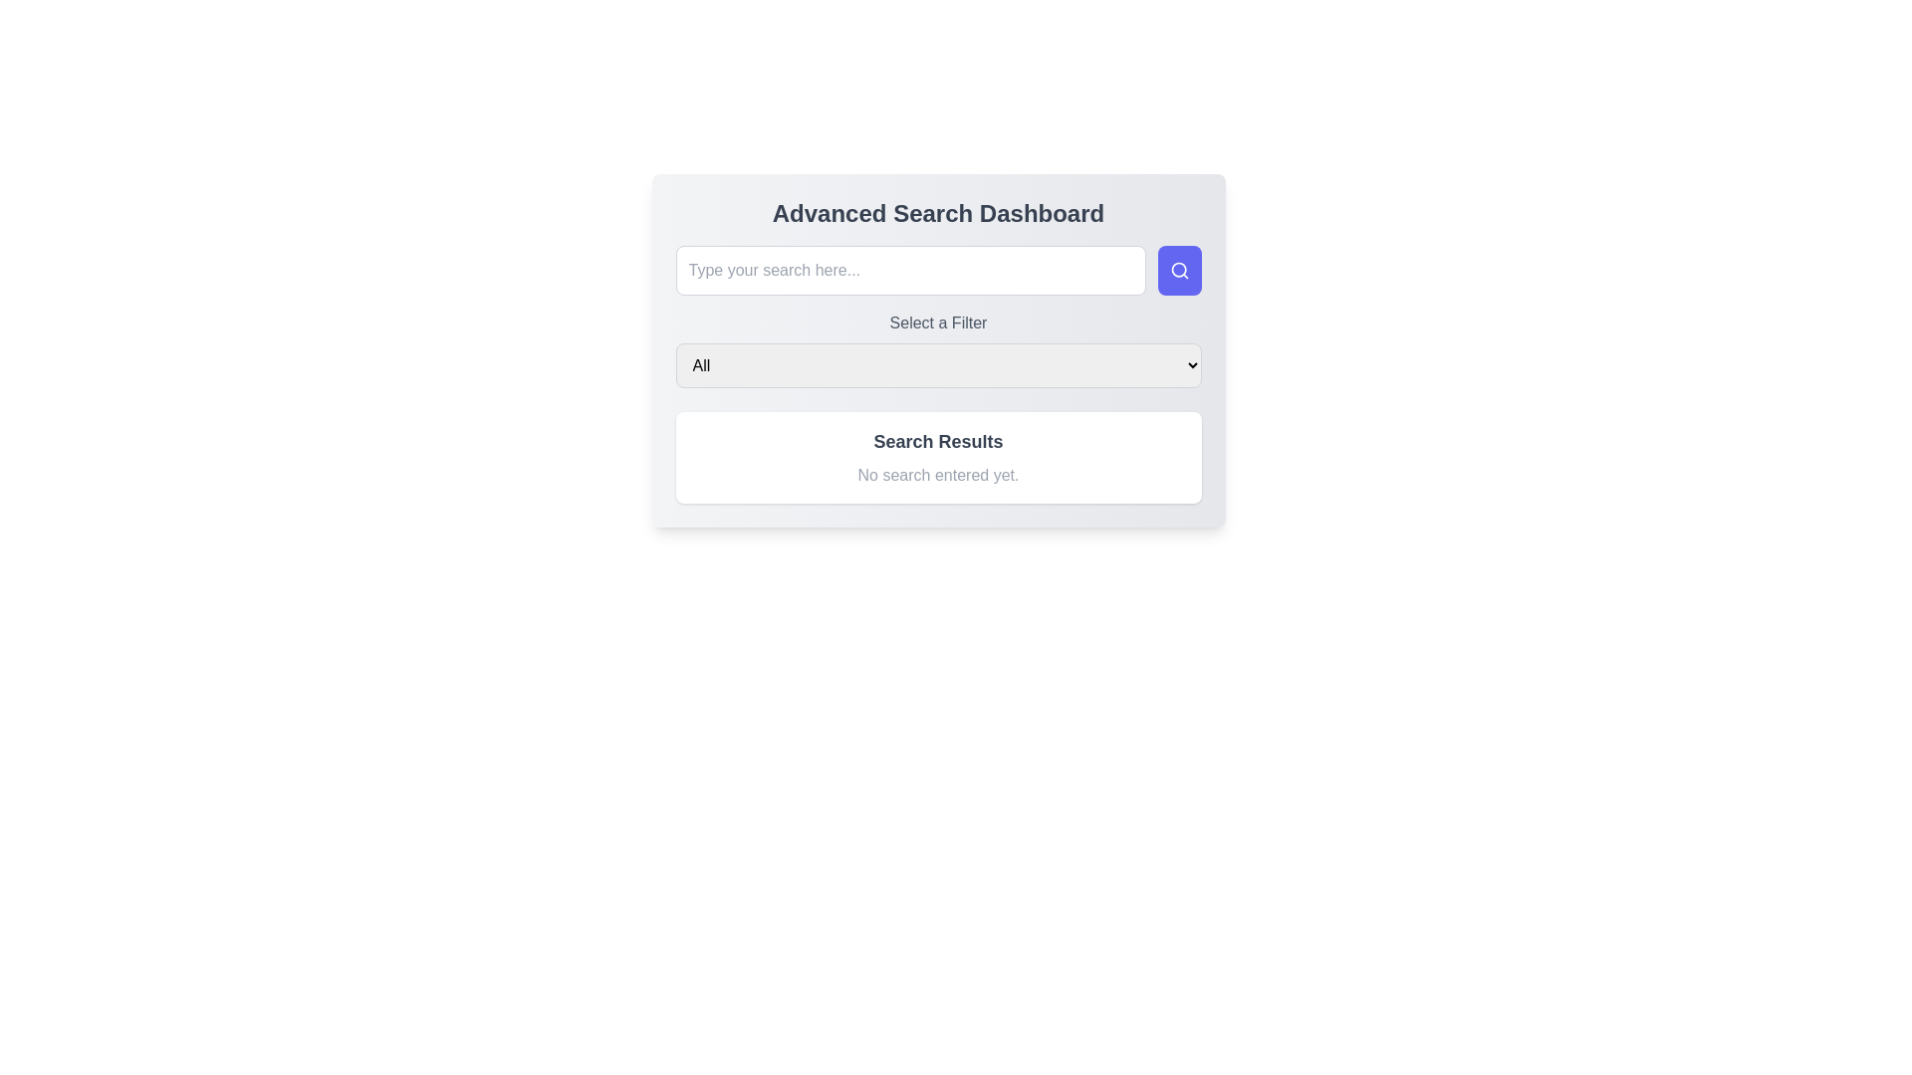 Image resolution: width=1912 pixels, height=1075 pixels. Describe the element at coordinates (937, 476) in the screenshot. I see `the static text that indicates no search query has been inputted, located below the 'Search Results' heading` at that location.